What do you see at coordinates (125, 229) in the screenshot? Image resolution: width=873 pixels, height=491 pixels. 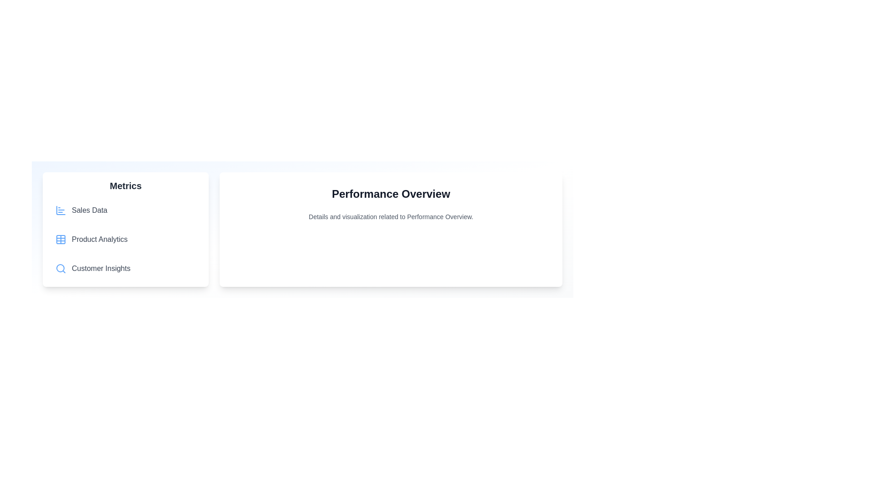 I see `the 'Product Analytics' list item in the metrics section` at bounding box center [125, 229].